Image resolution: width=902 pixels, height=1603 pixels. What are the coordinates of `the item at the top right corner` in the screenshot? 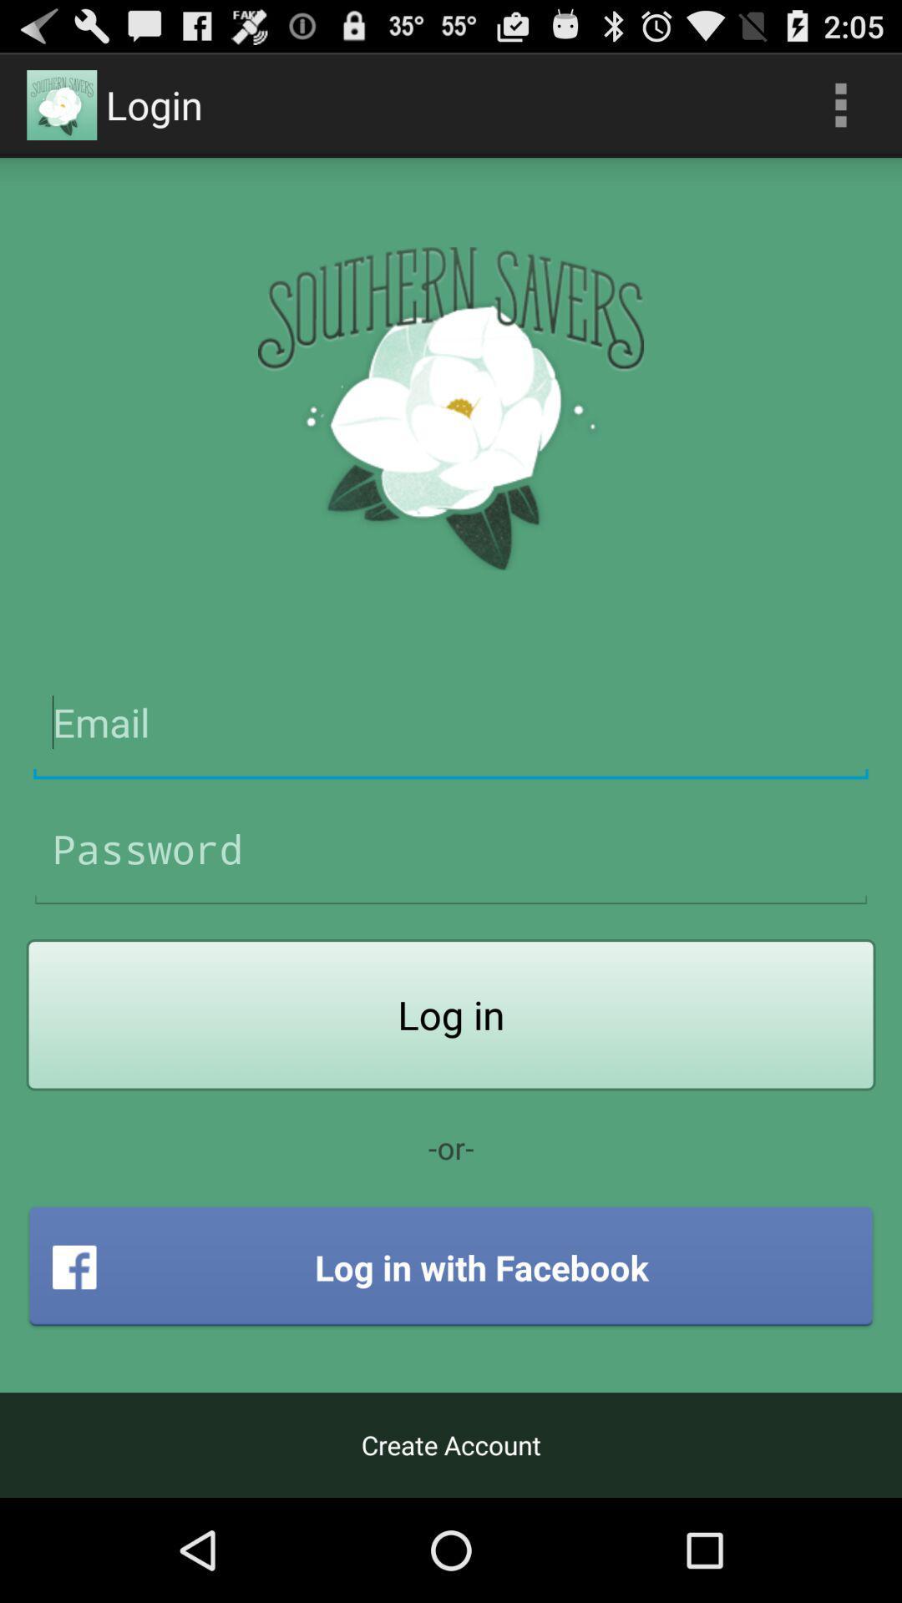 It's located at (840, 104).